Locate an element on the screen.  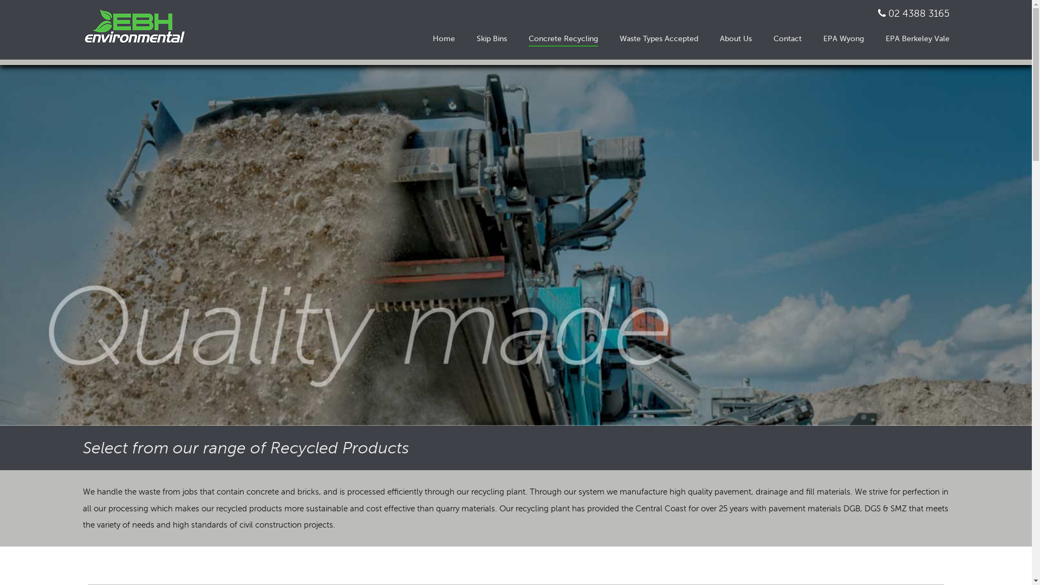
'Home' is located at coordinates (431, 38).